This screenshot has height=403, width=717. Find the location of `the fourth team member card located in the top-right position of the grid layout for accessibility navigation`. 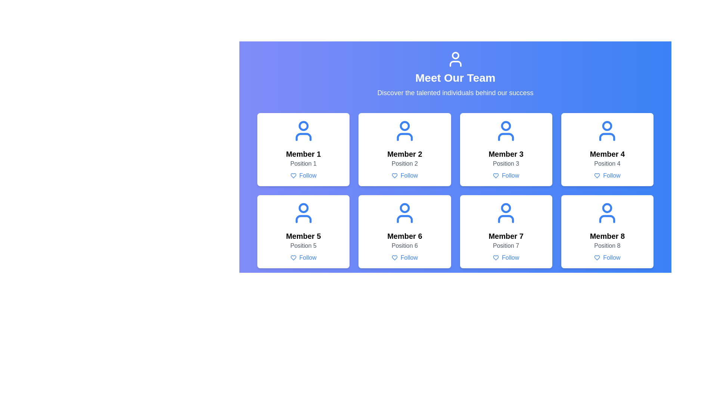

the fourth team member card located in the top-right position of the grid layout for accessibility navigation is located at coordinates (607, 150).